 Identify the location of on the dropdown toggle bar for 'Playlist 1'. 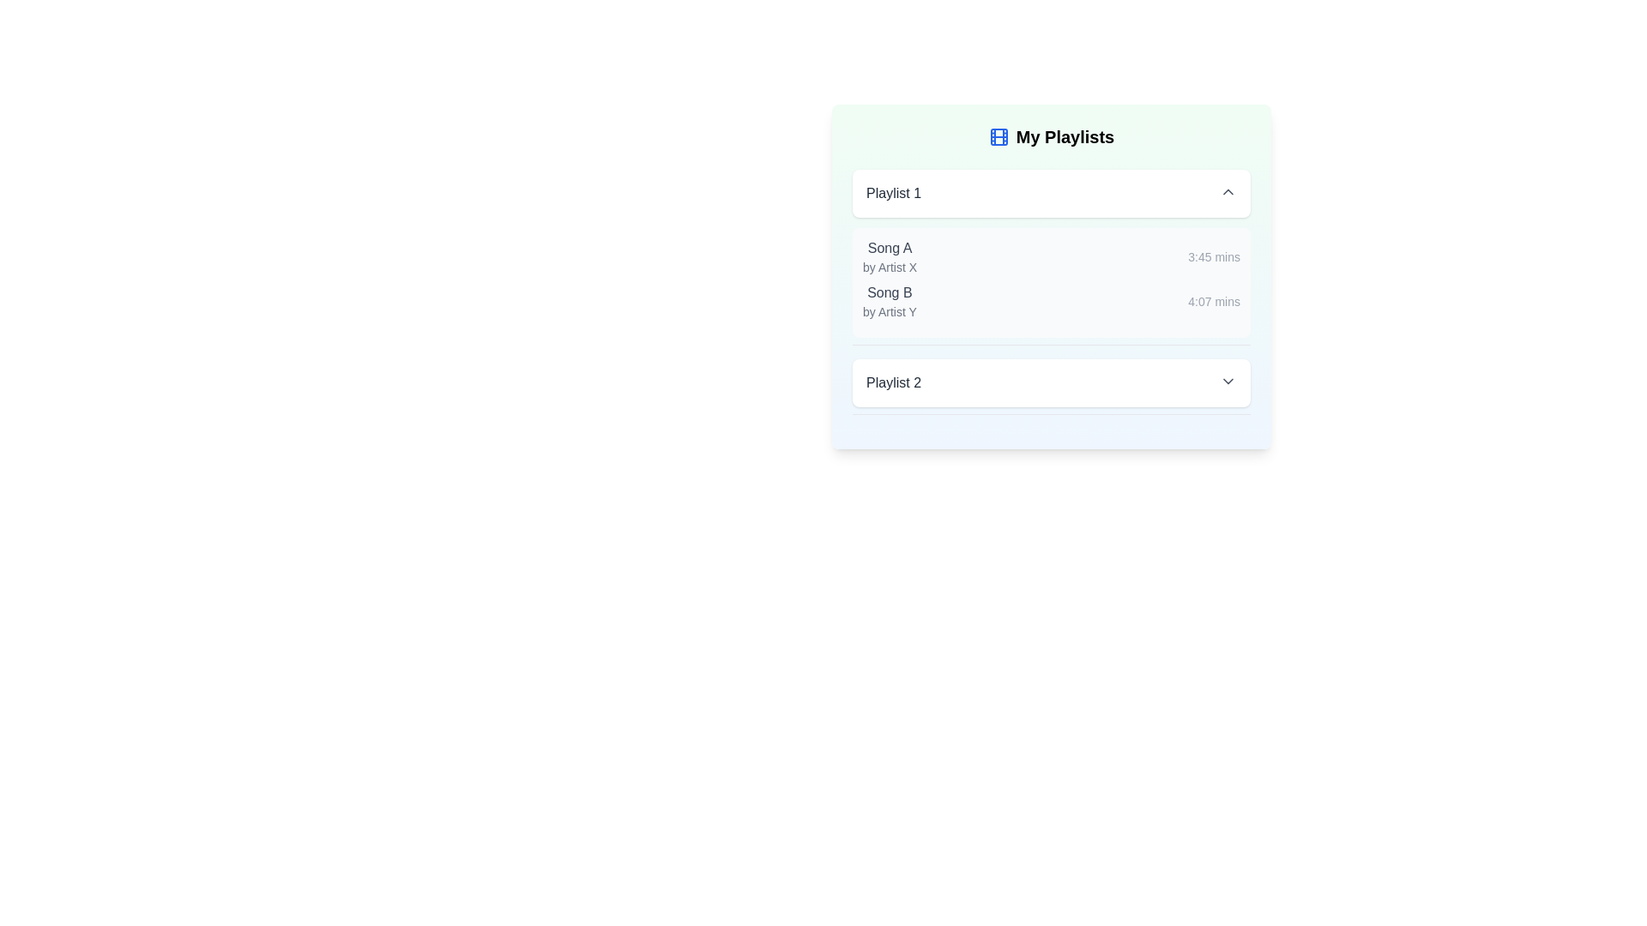
(1050, 193).